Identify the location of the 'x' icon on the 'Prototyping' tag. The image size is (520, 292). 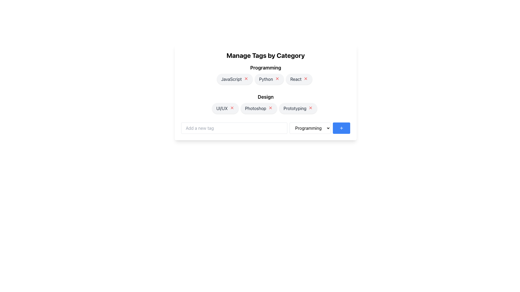
(298, 108).